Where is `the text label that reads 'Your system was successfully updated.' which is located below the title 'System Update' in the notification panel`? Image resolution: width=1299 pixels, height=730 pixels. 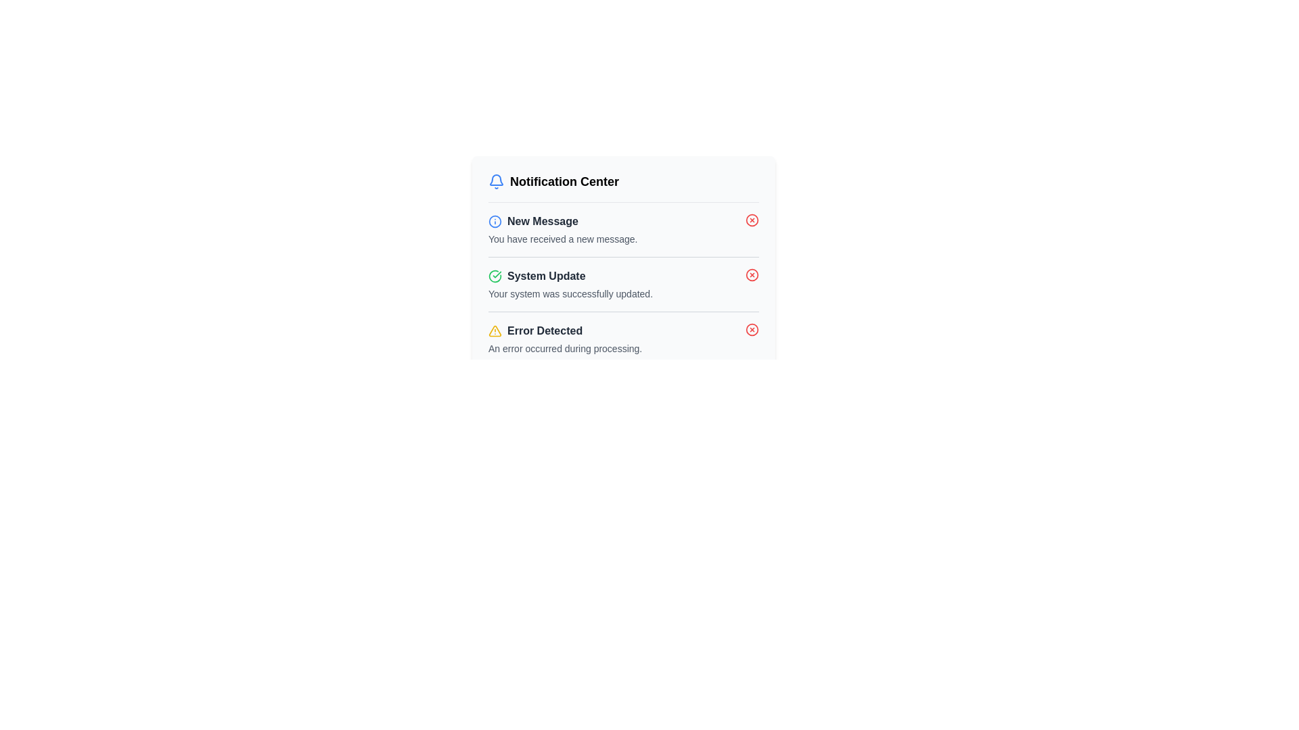
the text label that reads 'Your system was successfully updated.' which is located below the title 'System Update' in the notification panel is located at coordinates (570, 293).